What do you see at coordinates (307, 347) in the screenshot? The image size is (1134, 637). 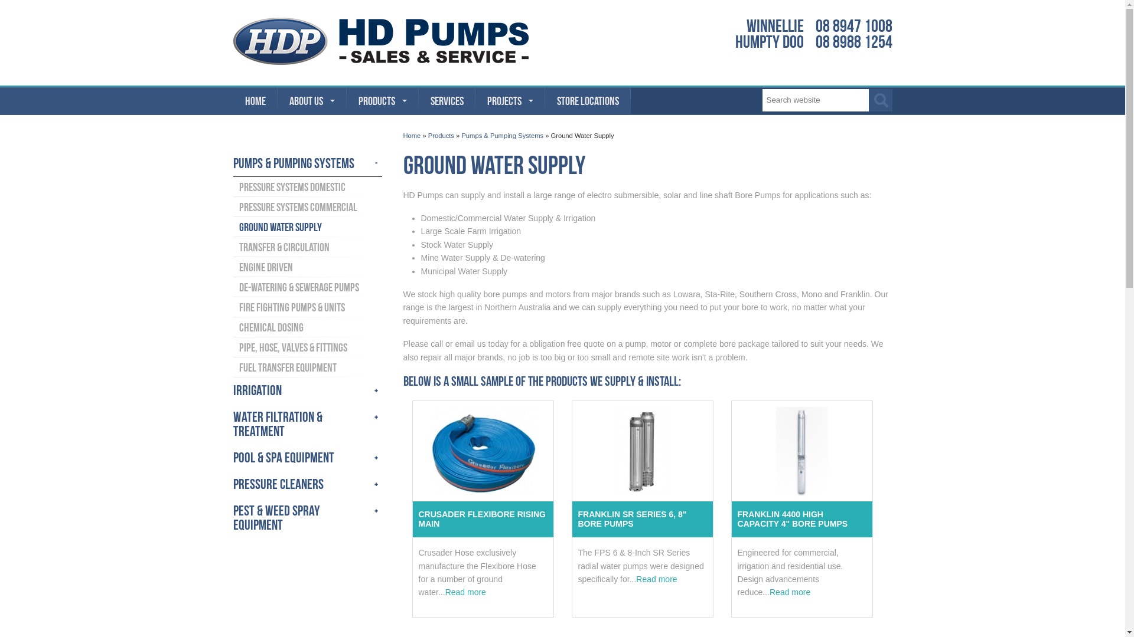 I see `'PIPE, HOSE, VALVES & FITTINGS'` at bounding box center [307, 347].